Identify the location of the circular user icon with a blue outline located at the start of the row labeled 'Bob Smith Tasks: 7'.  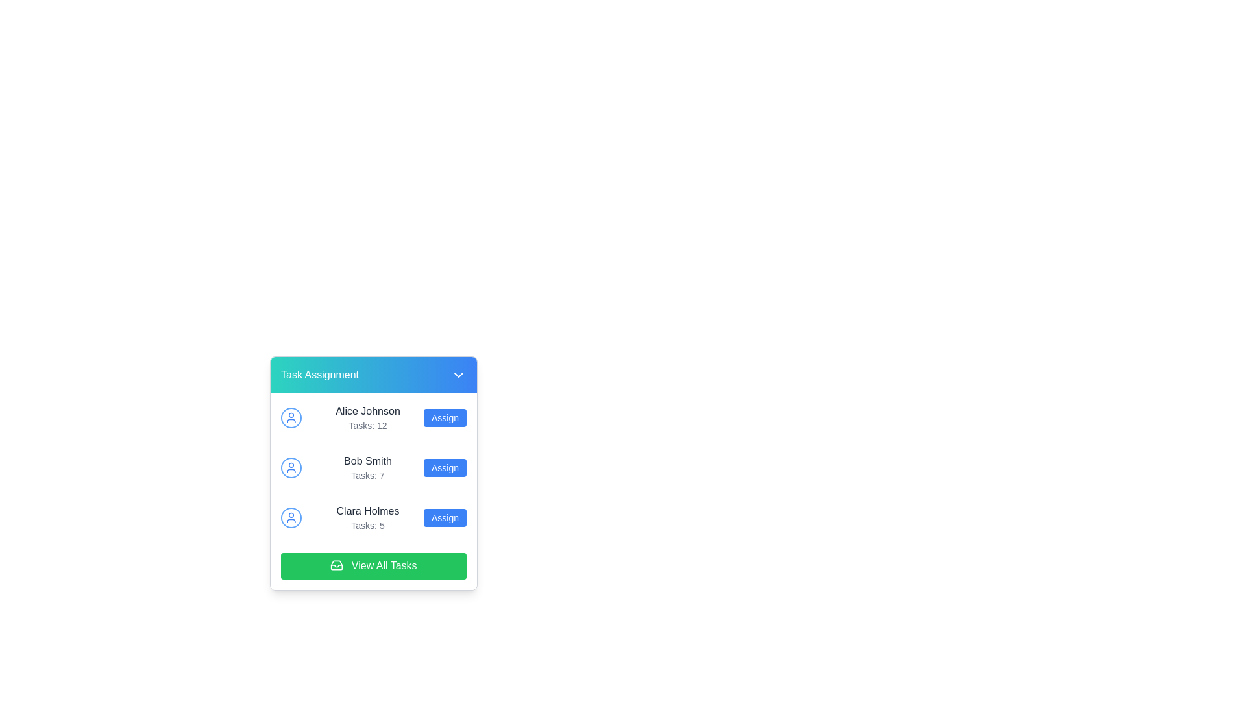
(291, 468).